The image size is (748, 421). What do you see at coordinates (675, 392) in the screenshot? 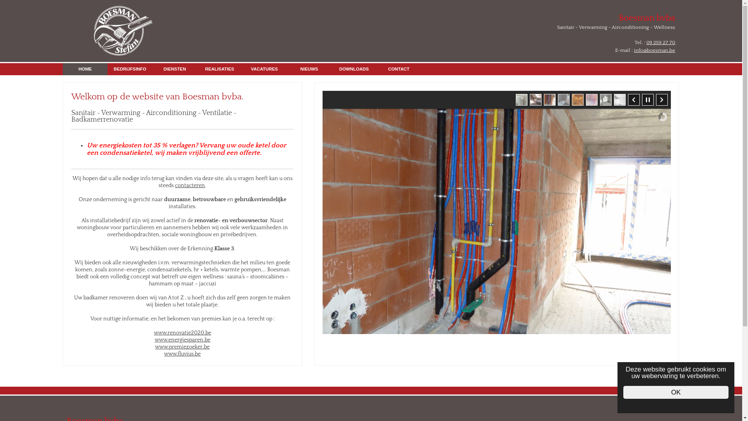
I see `'OK'` at bounding box center [675, 392].